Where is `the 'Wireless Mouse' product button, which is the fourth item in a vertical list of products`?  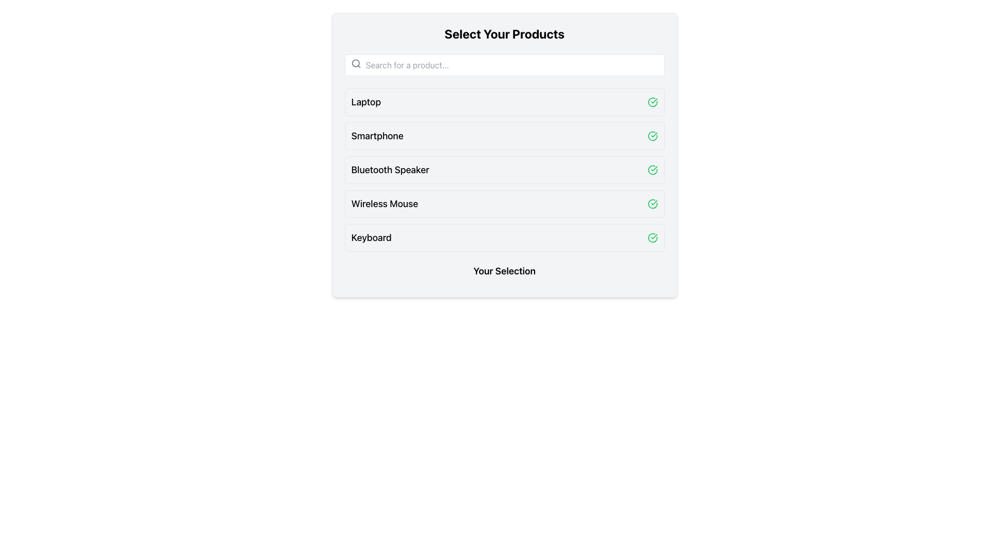 the 'Wireless Mouse' product button, which is the fourth item in a vertical list of products is located at coordinates (504, 204).